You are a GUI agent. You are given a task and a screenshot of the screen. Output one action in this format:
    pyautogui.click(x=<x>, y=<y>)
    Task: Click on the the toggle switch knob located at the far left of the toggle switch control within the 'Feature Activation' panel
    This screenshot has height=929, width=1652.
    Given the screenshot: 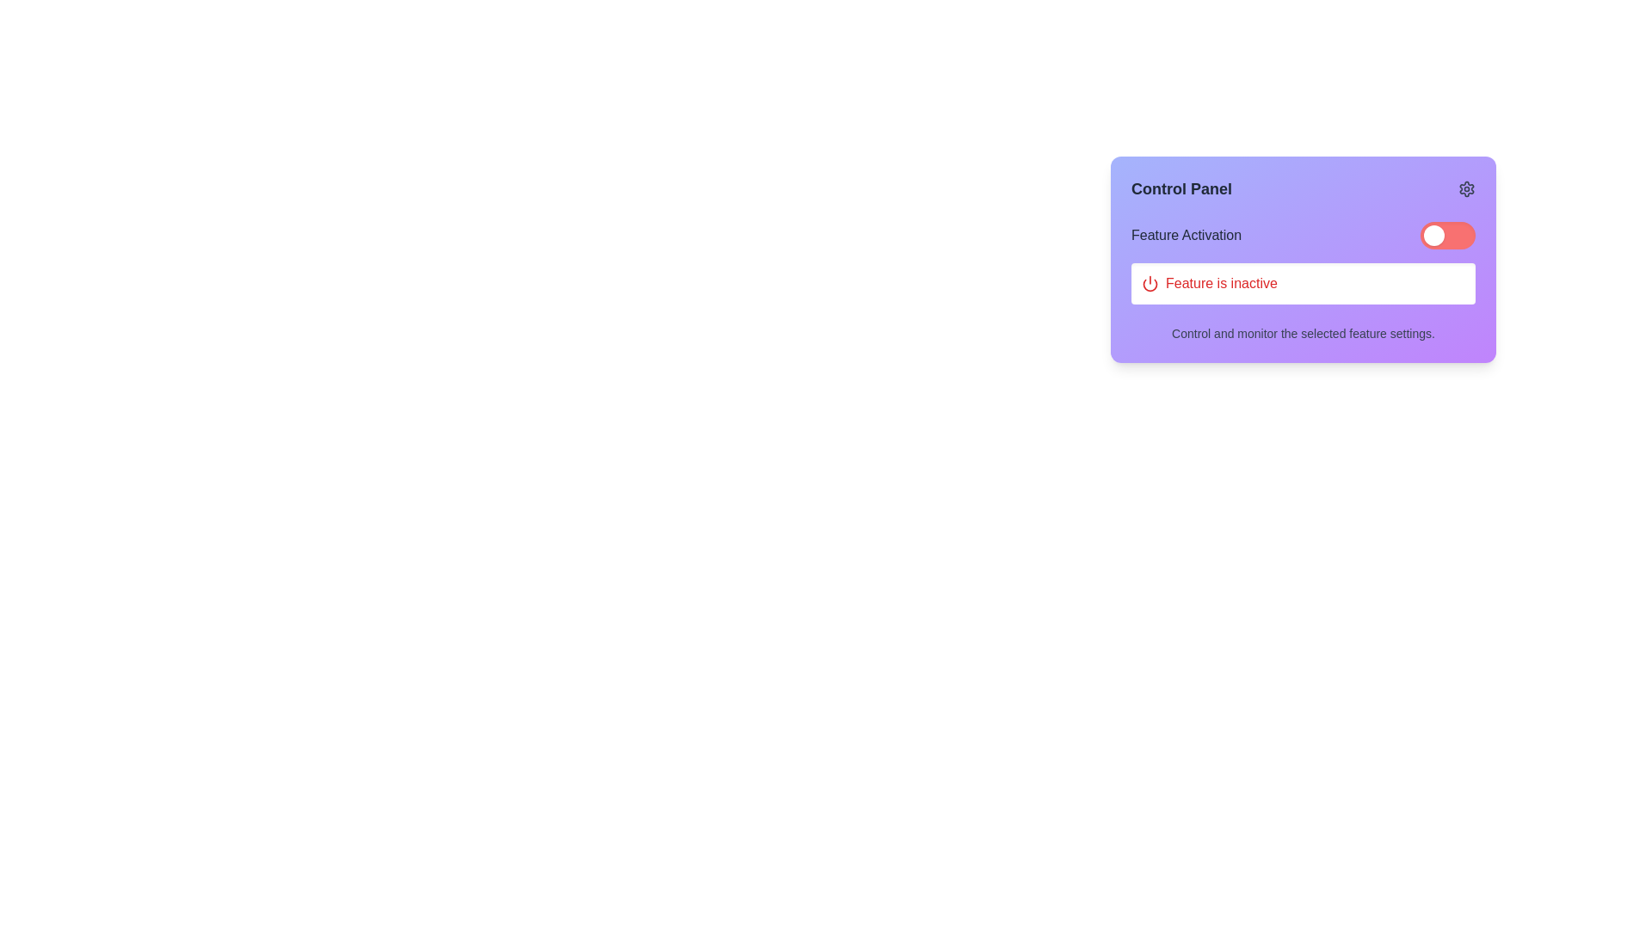 What is the action you would take?
    pyautogui.click(x=1433, y=235)
    